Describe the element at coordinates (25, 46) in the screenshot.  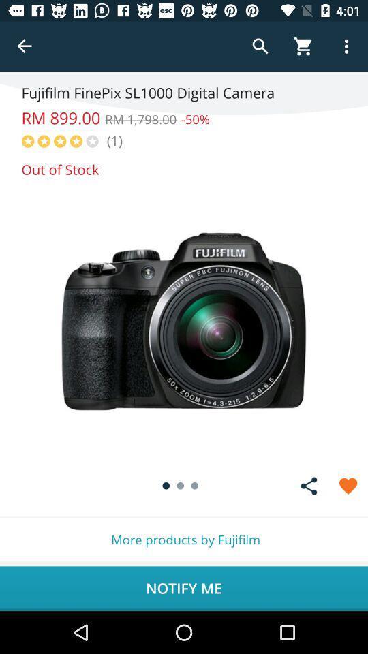
I see `previous` at that location.